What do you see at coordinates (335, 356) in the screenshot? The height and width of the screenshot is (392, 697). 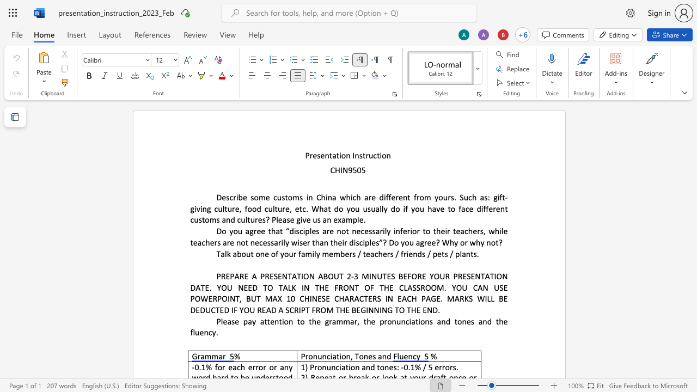 I see `the space between the continuous character "a" and "t" in the text` at bounding box center [335, 356].